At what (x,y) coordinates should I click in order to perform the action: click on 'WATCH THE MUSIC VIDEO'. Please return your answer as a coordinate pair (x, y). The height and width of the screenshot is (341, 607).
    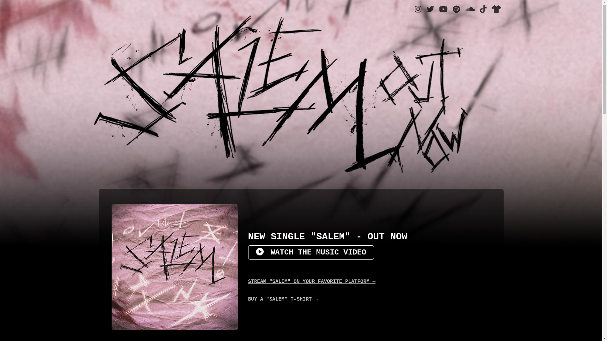
    Looking at the image, I should click on (311, 252).